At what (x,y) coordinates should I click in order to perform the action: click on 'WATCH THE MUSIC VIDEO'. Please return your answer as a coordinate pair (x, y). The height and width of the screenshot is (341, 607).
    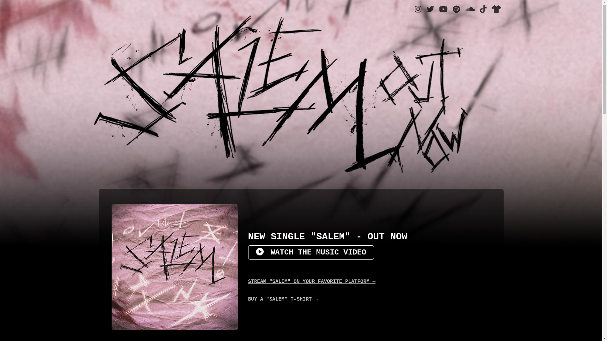
    Looking at the image, I should click on (311, 252).